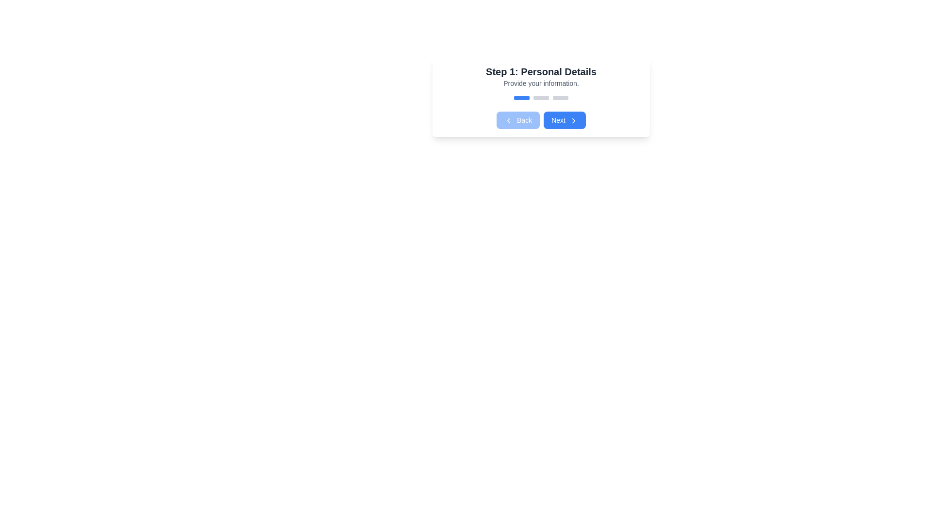  I want to click on the leftmost progress bar segment of the three-bar group, which indicates completion or selection in a multi-step process, so click(521, 98).